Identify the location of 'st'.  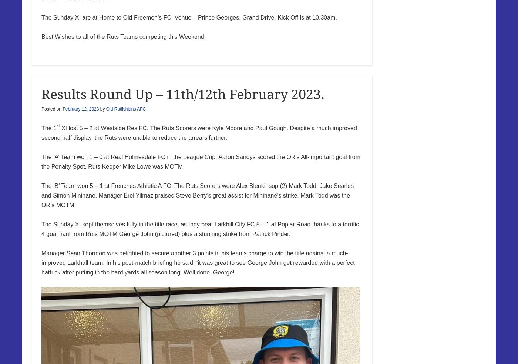
(58, 125).